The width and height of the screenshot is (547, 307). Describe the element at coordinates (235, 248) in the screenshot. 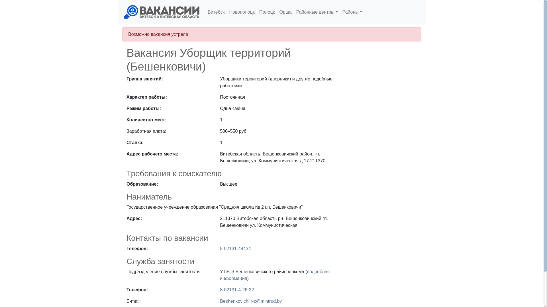

I see `'8-02131-44434'` at that location.